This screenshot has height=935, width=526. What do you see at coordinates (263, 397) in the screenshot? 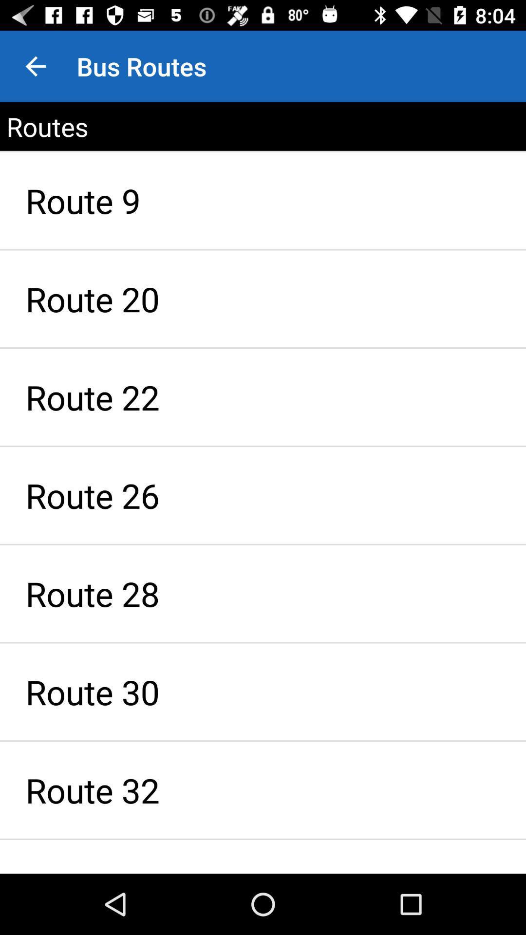
I see `the icon above route 26` at bounding box center [263, 397].